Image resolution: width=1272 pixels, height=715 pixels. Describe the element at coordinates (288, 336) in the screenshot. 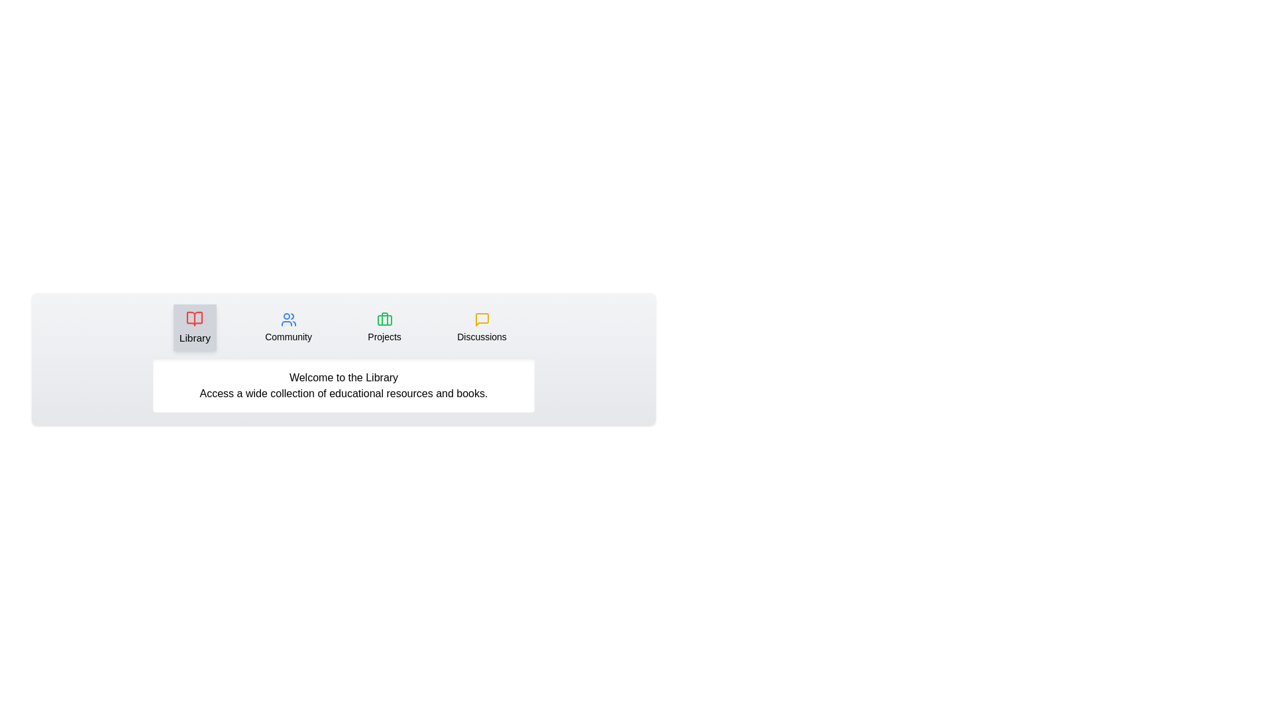

I see `the text label displaying 'Community' located in the navigation bar, positioned below the icon of people and adjacent to 'Library' and 'Projects'` at that location.